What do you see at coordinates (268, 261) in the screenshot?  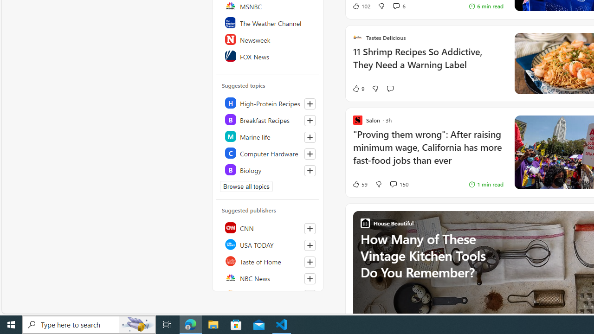 I see `'Taste of Home'` at bounding box center [268, 261].